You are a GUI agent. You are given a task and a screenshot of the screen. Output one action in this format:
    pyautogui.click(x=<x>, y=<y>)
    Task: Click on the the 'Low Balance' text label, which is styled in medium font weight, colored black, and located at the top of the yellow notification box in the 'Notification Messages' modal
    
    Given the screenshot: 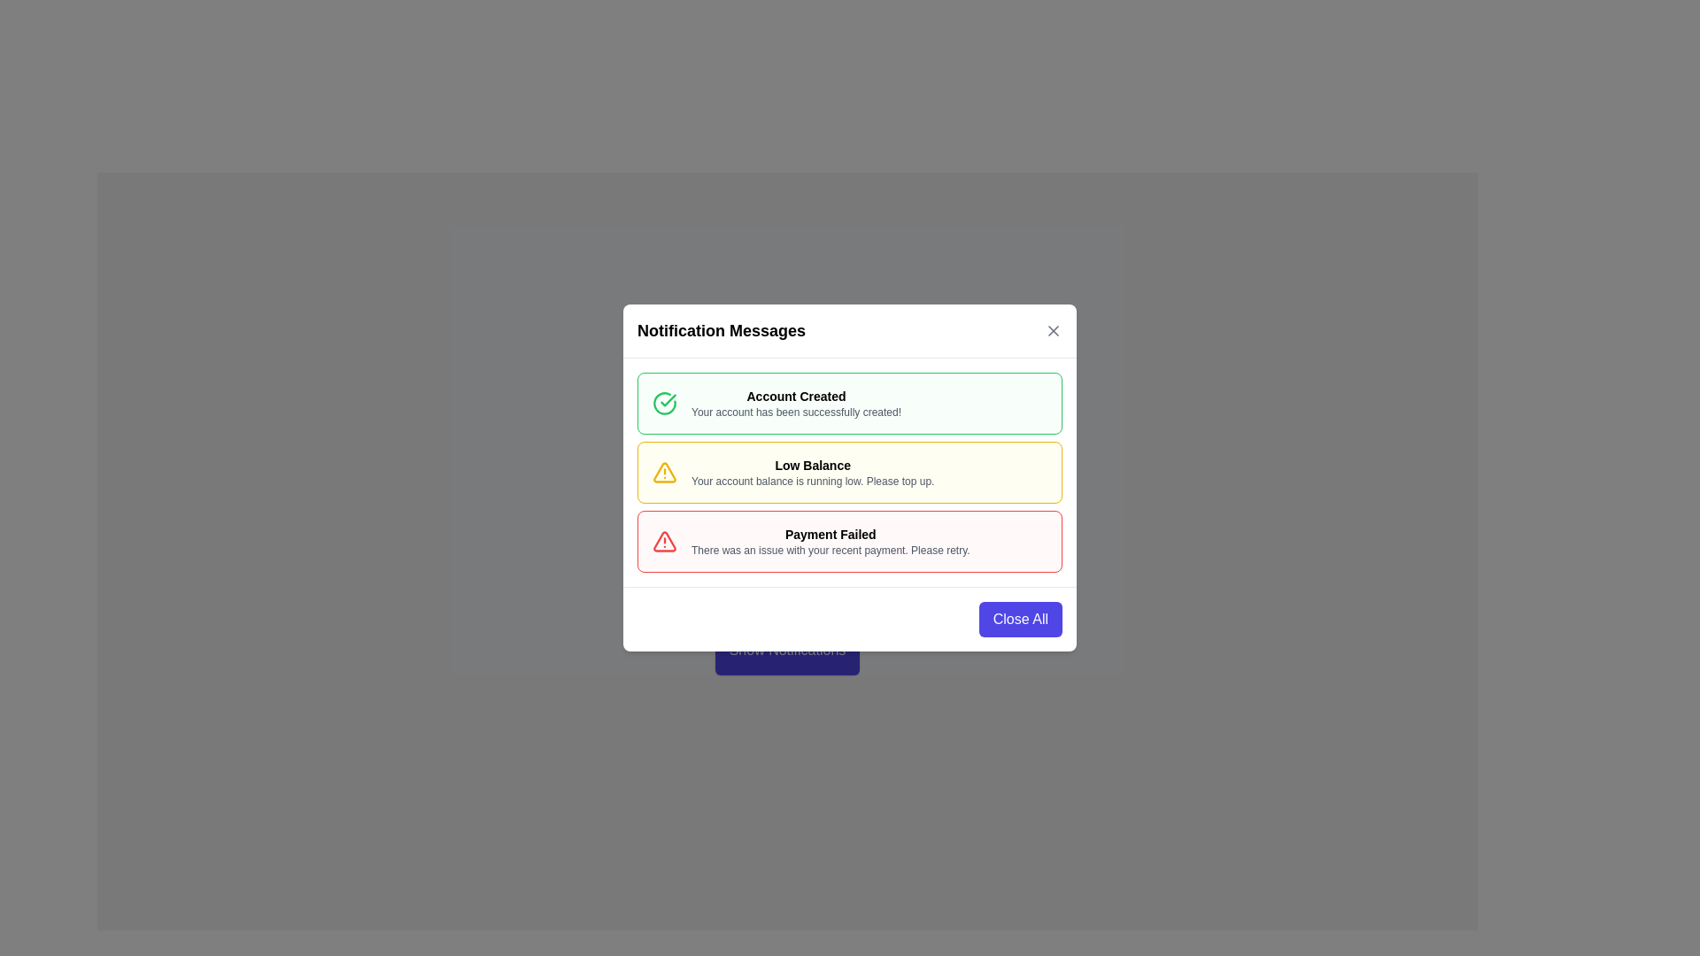 What is the action you would take?
    pyautogui.click(x=812, y=464)
    